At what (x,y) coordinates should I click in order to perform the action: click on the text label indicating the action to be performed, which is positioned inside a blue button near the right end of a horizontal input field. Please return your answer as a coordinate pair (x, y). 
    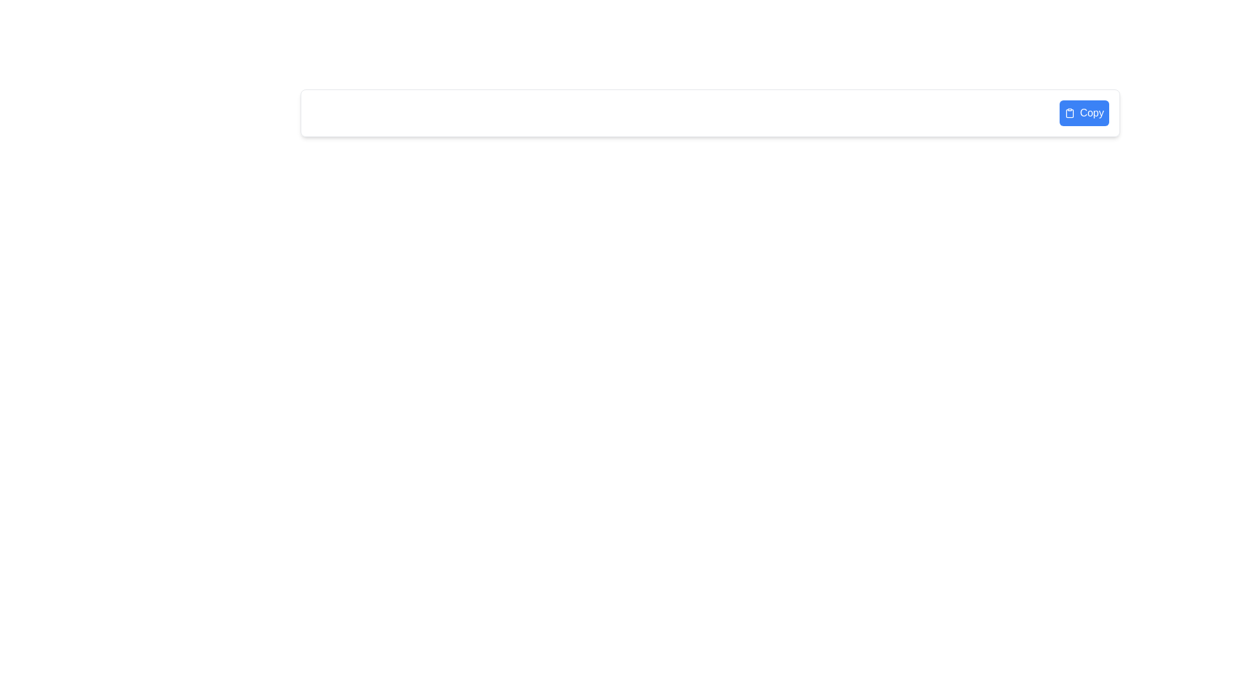
    Looking at the image, I should click on (1091, 113).